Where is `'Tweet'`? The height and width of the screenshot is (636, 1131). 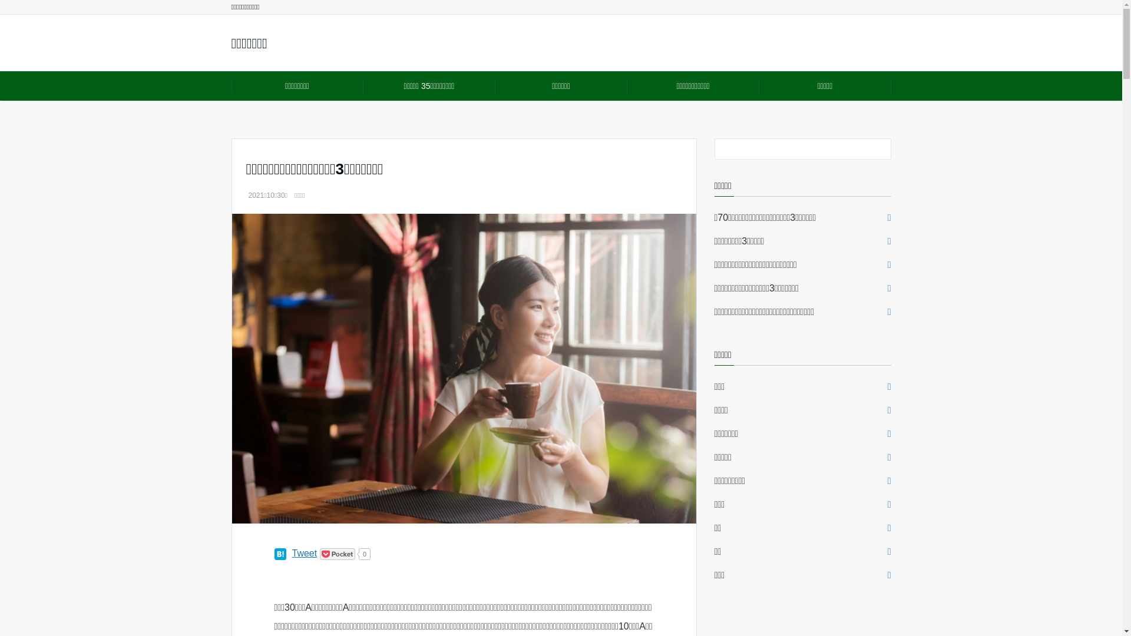
'Tweet' is located at coordinates (292, 553).